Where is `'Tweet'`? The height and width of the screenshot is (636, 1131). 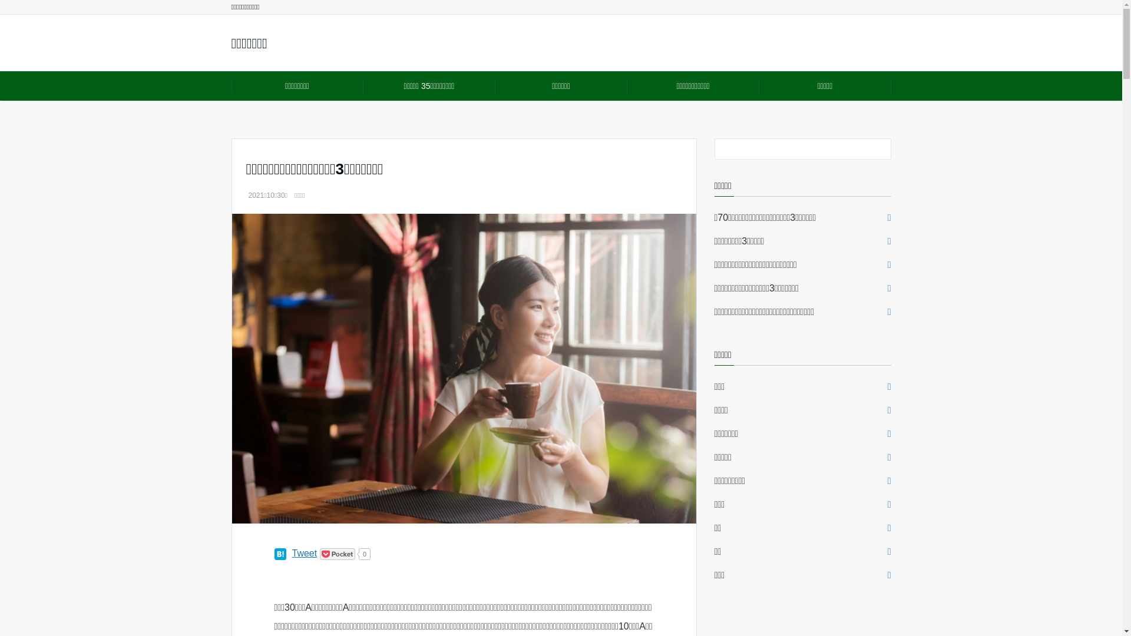
'Tweet' is located at coordinates (292, 553).